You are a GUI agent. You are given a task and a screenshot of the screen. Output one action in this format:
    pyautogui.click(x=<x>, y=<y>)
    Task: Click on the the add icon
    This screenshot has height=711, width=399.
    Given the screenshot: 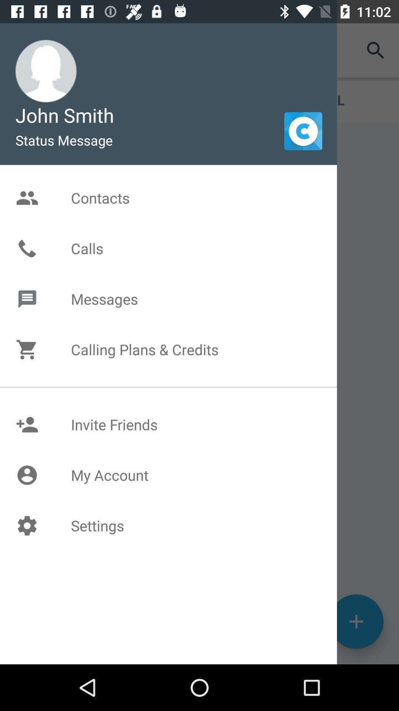 What is the action you would take?
    pyautogui.click(x=356, y=665)
    